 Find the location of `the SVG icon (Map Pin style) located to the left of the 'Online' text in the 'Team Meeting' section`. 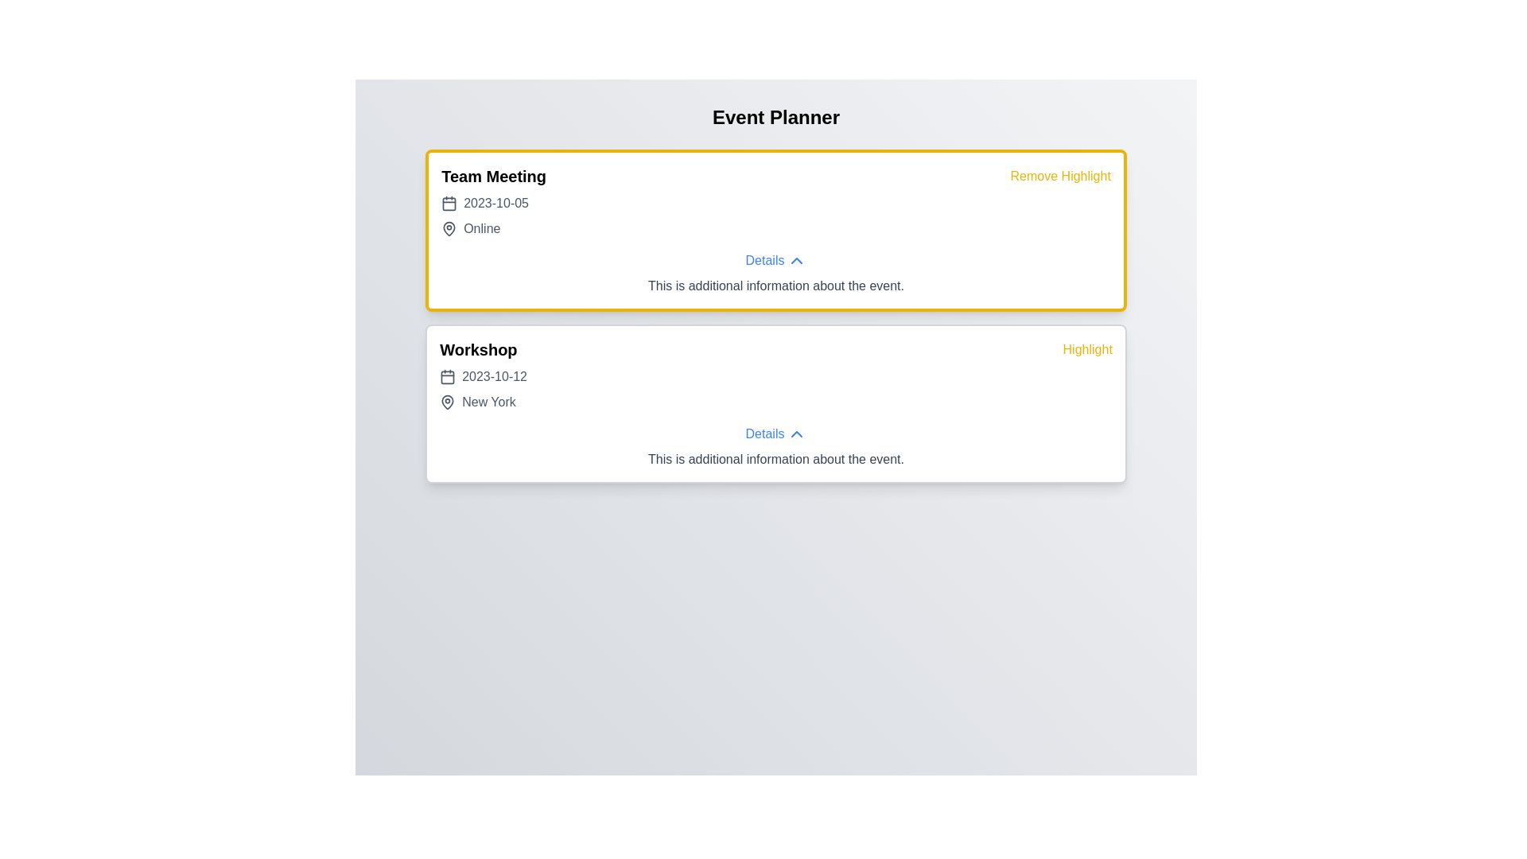

the SVG icon (Map Pin style) located to the left of the 'Online' text in the 'Team Meeting' section is located at coordinates (449, 229).